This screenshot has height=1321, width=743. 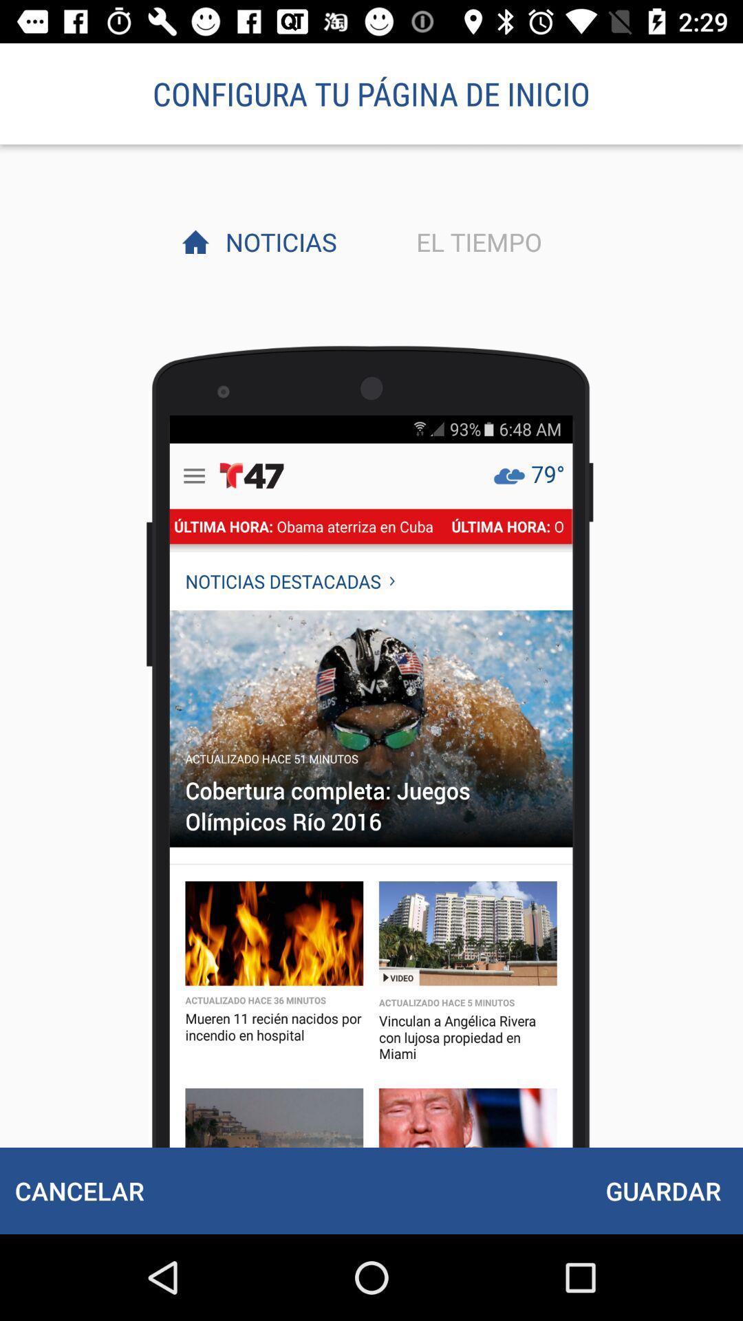 What do you see at coordinates (475, 241) in the screenshot?
I see `the icon to the right of the noticias item` at bounding box center [475, 241].